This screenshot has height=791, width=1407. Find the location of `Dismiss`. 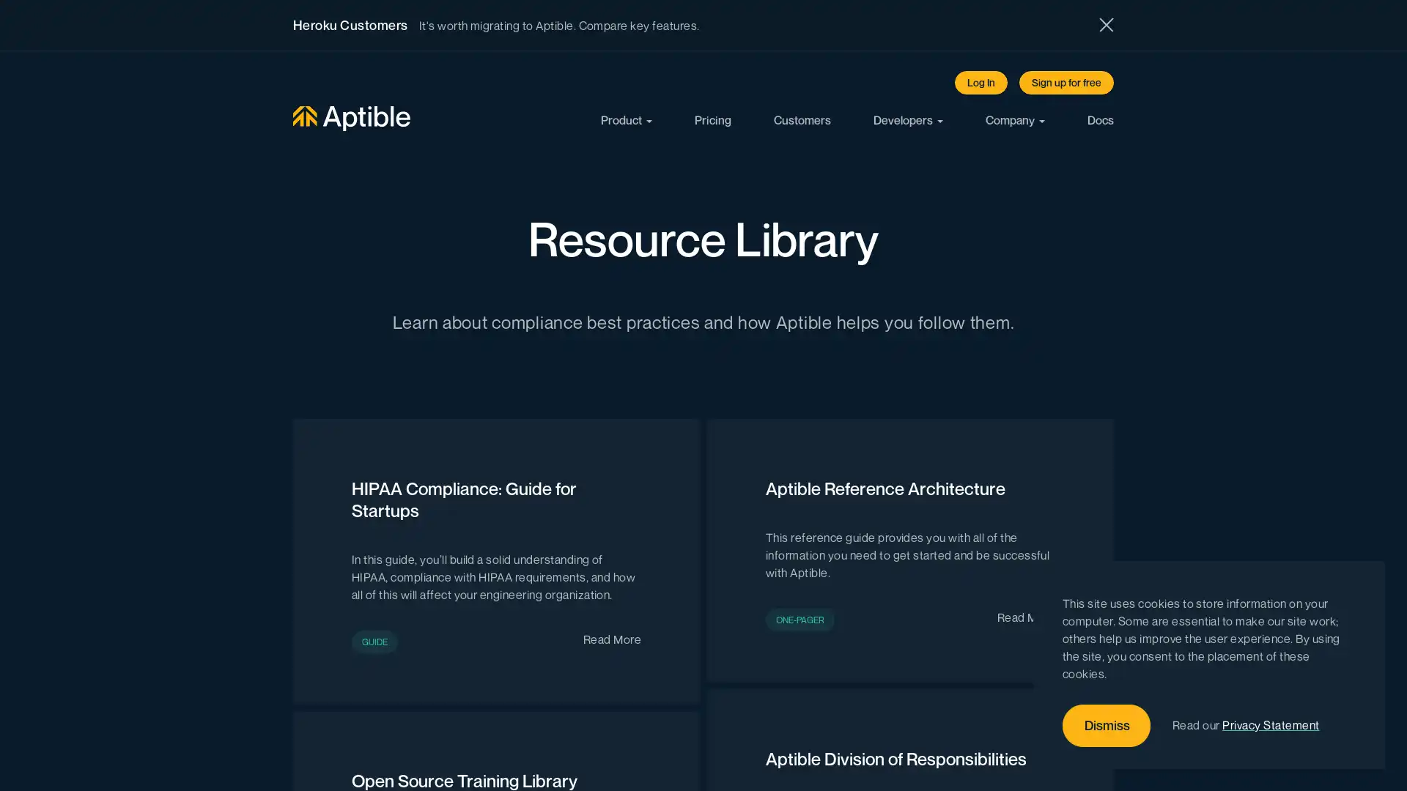

Dismiss is located at coordinates (1107, 726).